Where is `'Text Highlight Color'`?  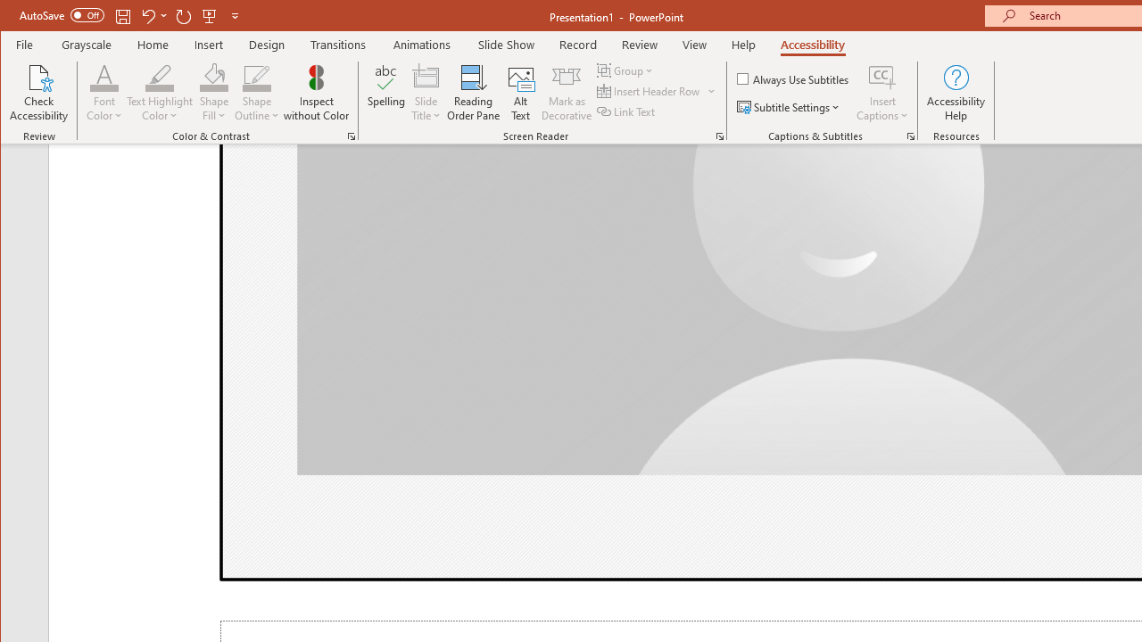 'Text Highlight Color' is located at coordinates (160, 76).